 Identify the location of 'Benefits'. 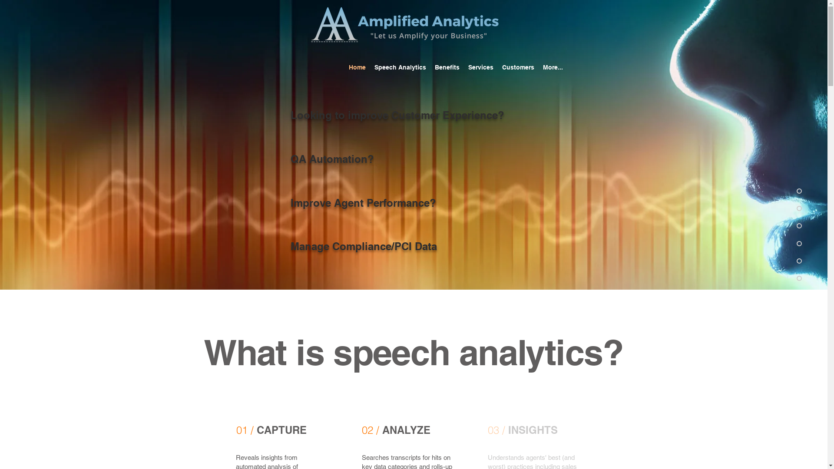
(430, 66).